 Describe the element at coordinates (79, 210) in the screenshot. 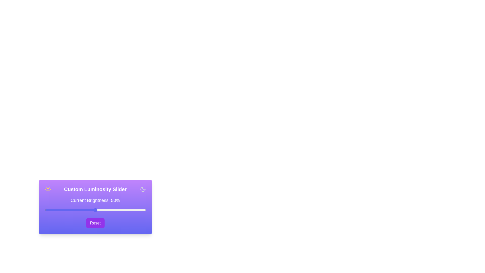

I see `brightness` at that location.